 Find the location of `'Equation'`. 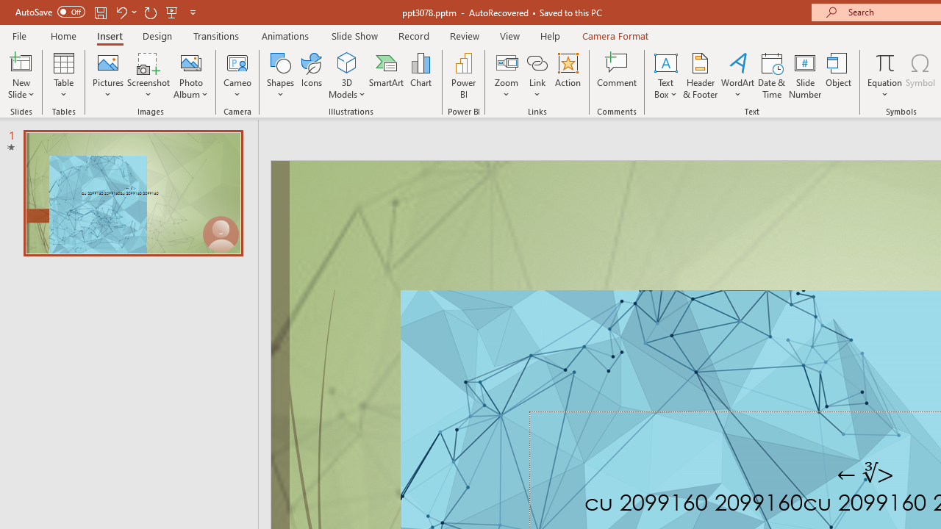

'Equation' is located at coordinates (884, 62).